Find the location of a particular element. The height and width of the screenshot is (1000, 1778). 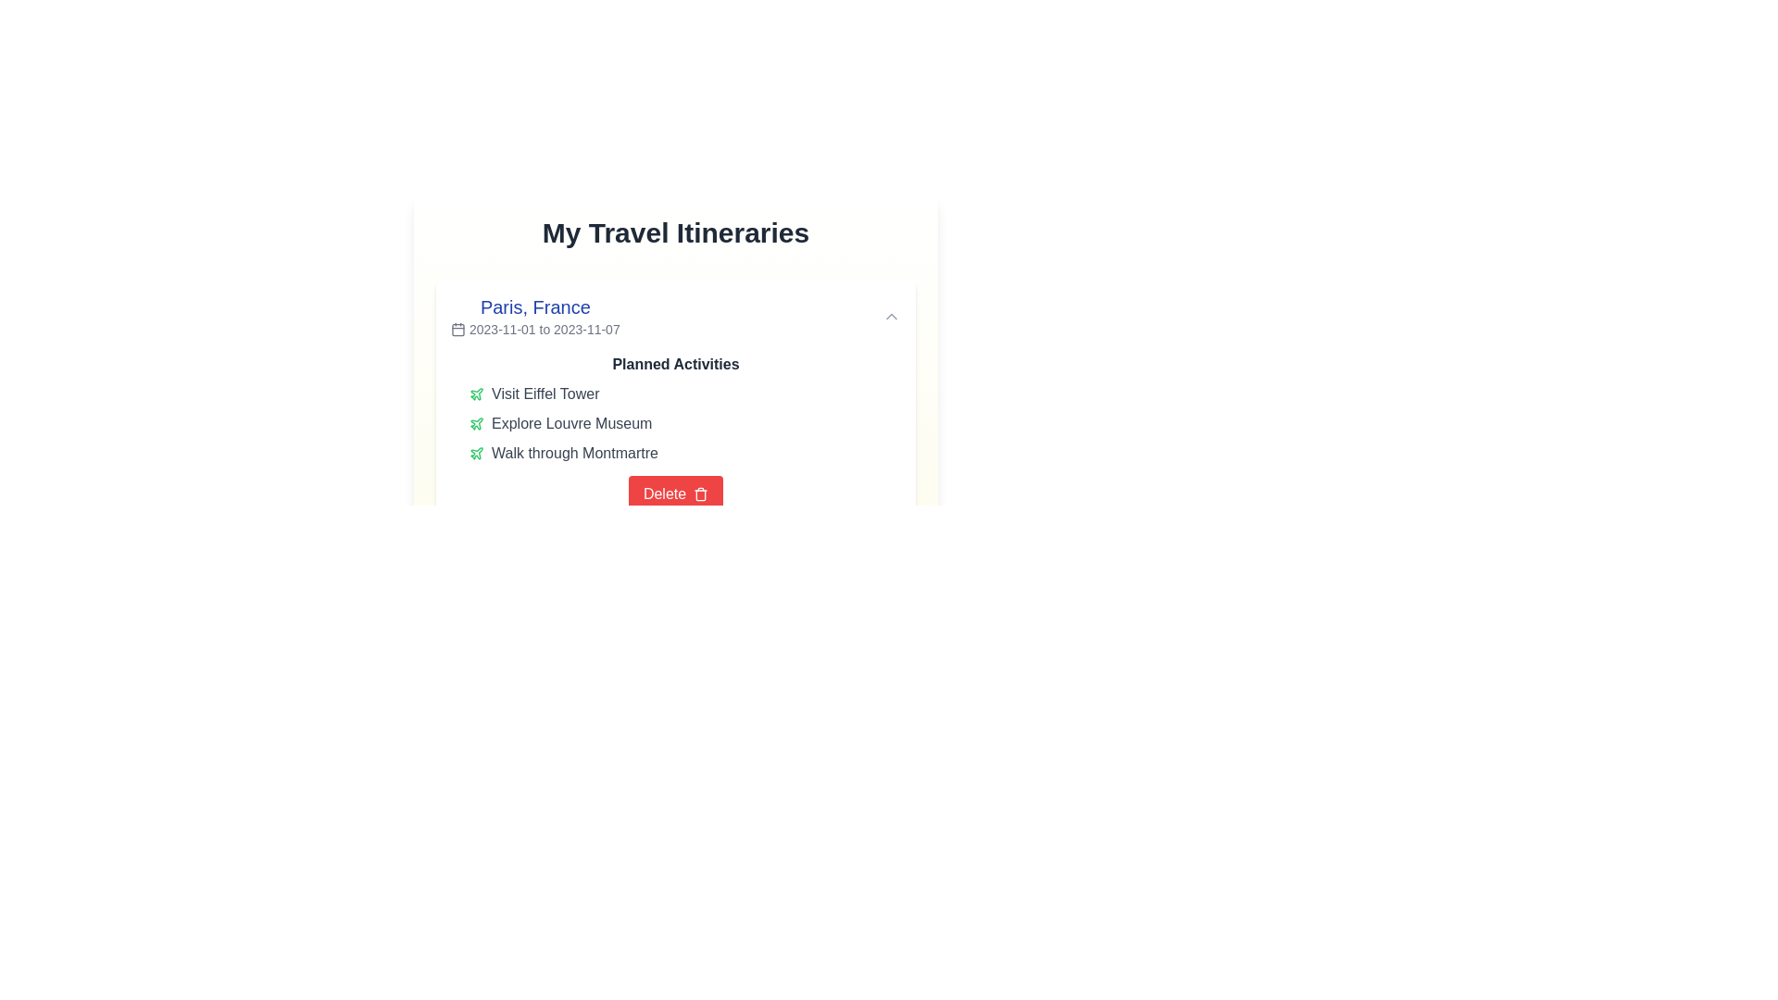

the travel details section for 'Paris, France' is located at coordinates (674, 492).